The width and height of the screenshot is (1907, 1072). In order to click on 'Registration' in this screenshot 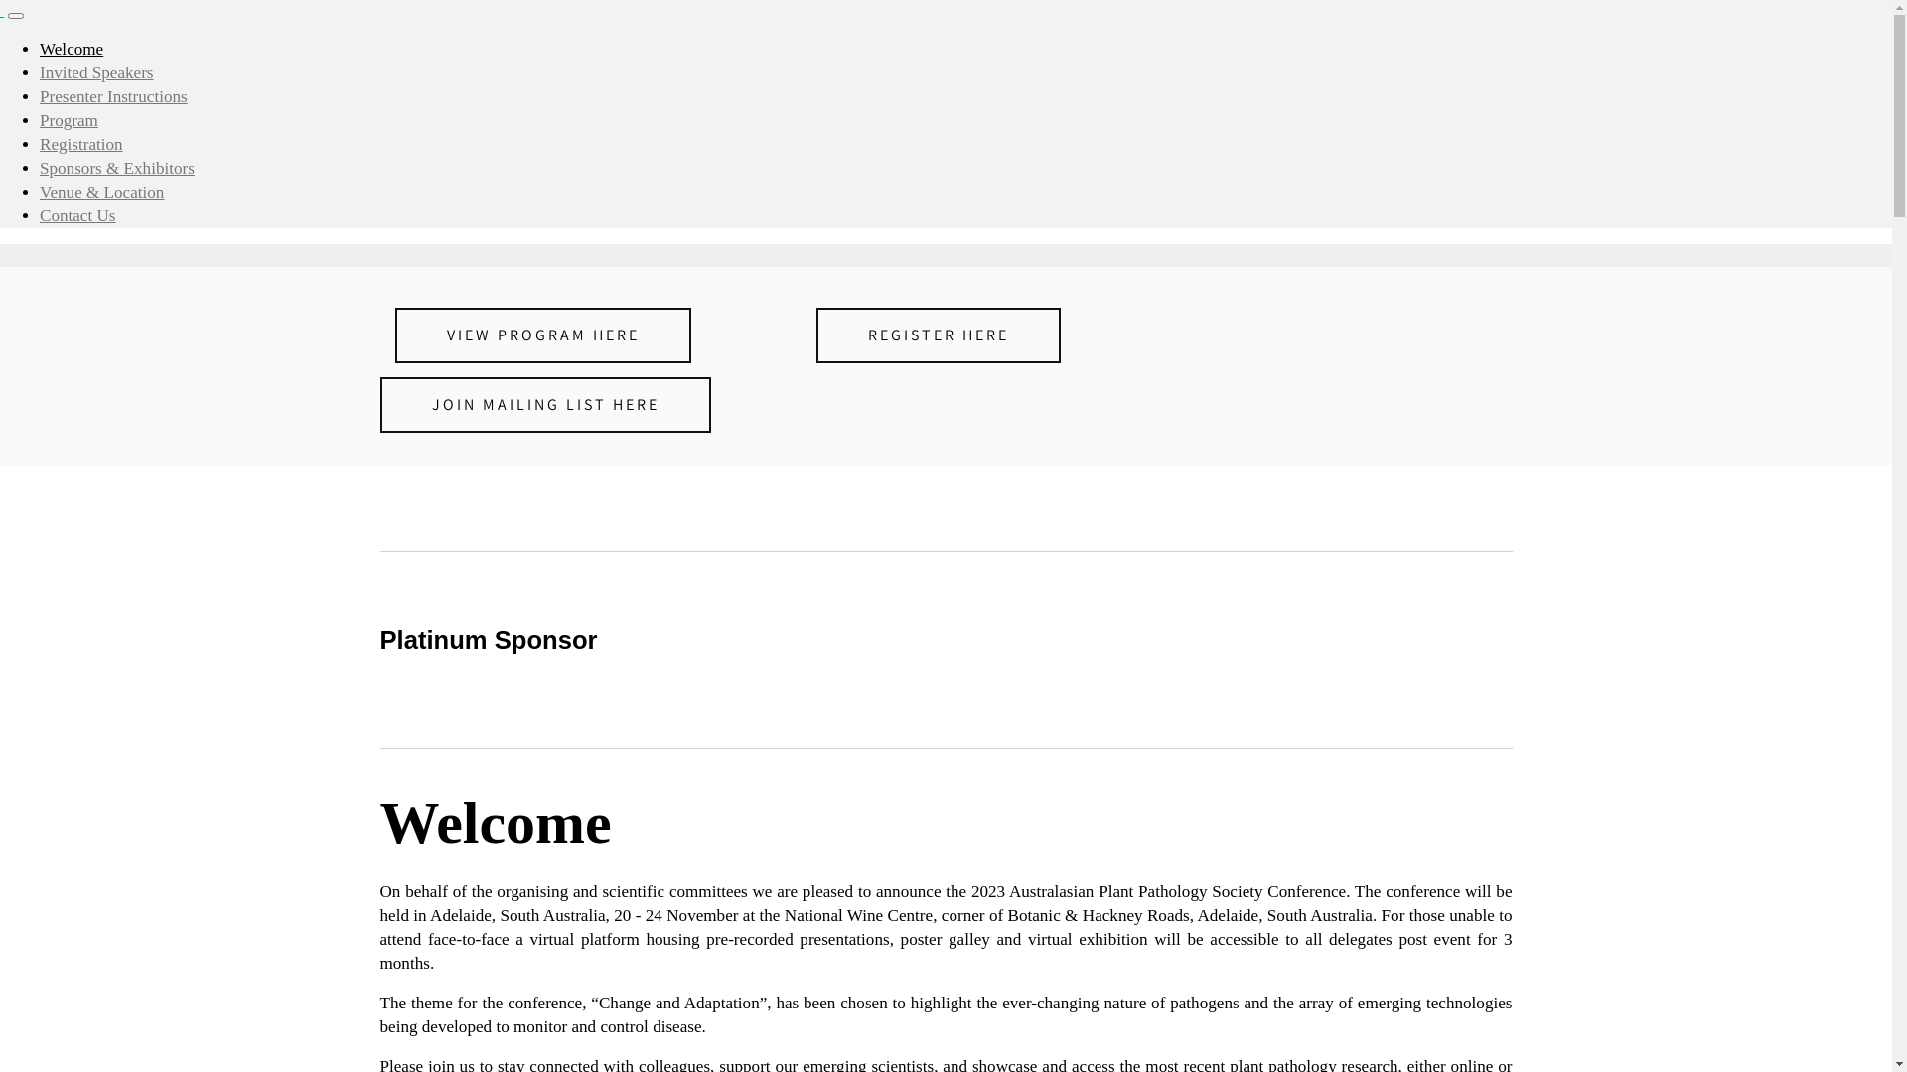, I will do `click(79, 143)`.